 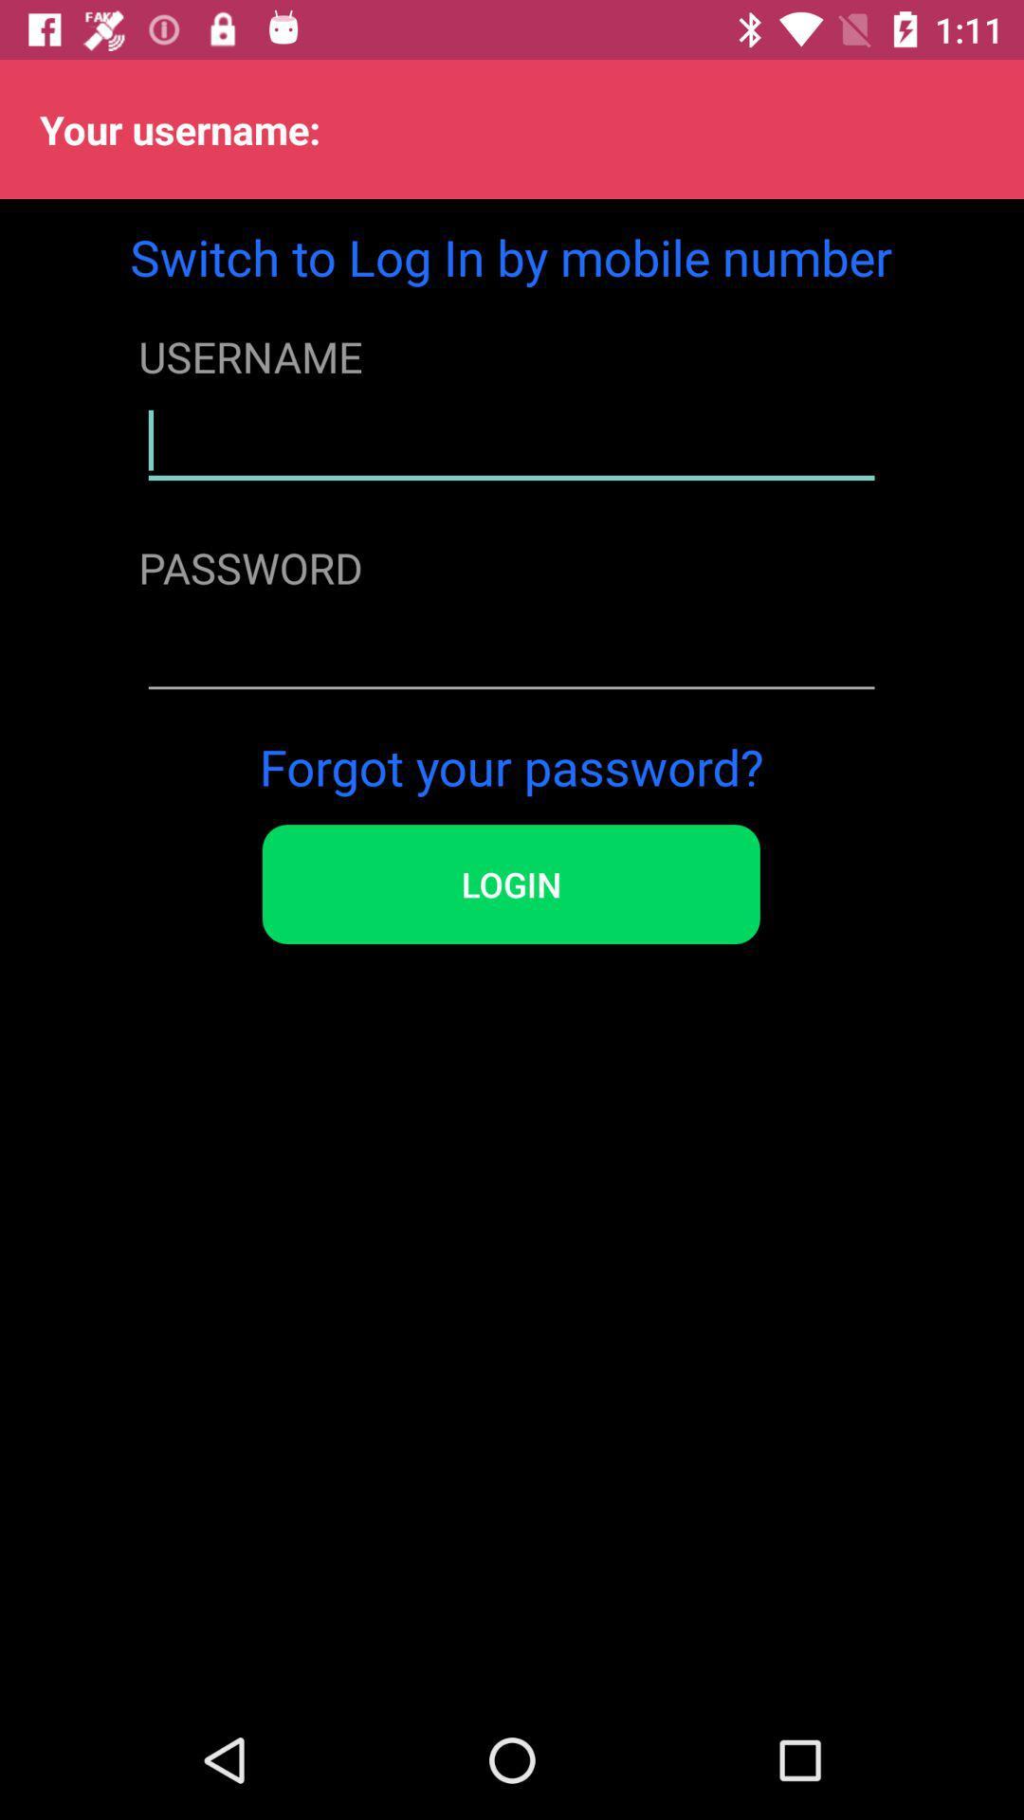 What do you see at coordinates (510, 883) in the screenshot?
I see `the login icon` at bounding box center [510, 883].